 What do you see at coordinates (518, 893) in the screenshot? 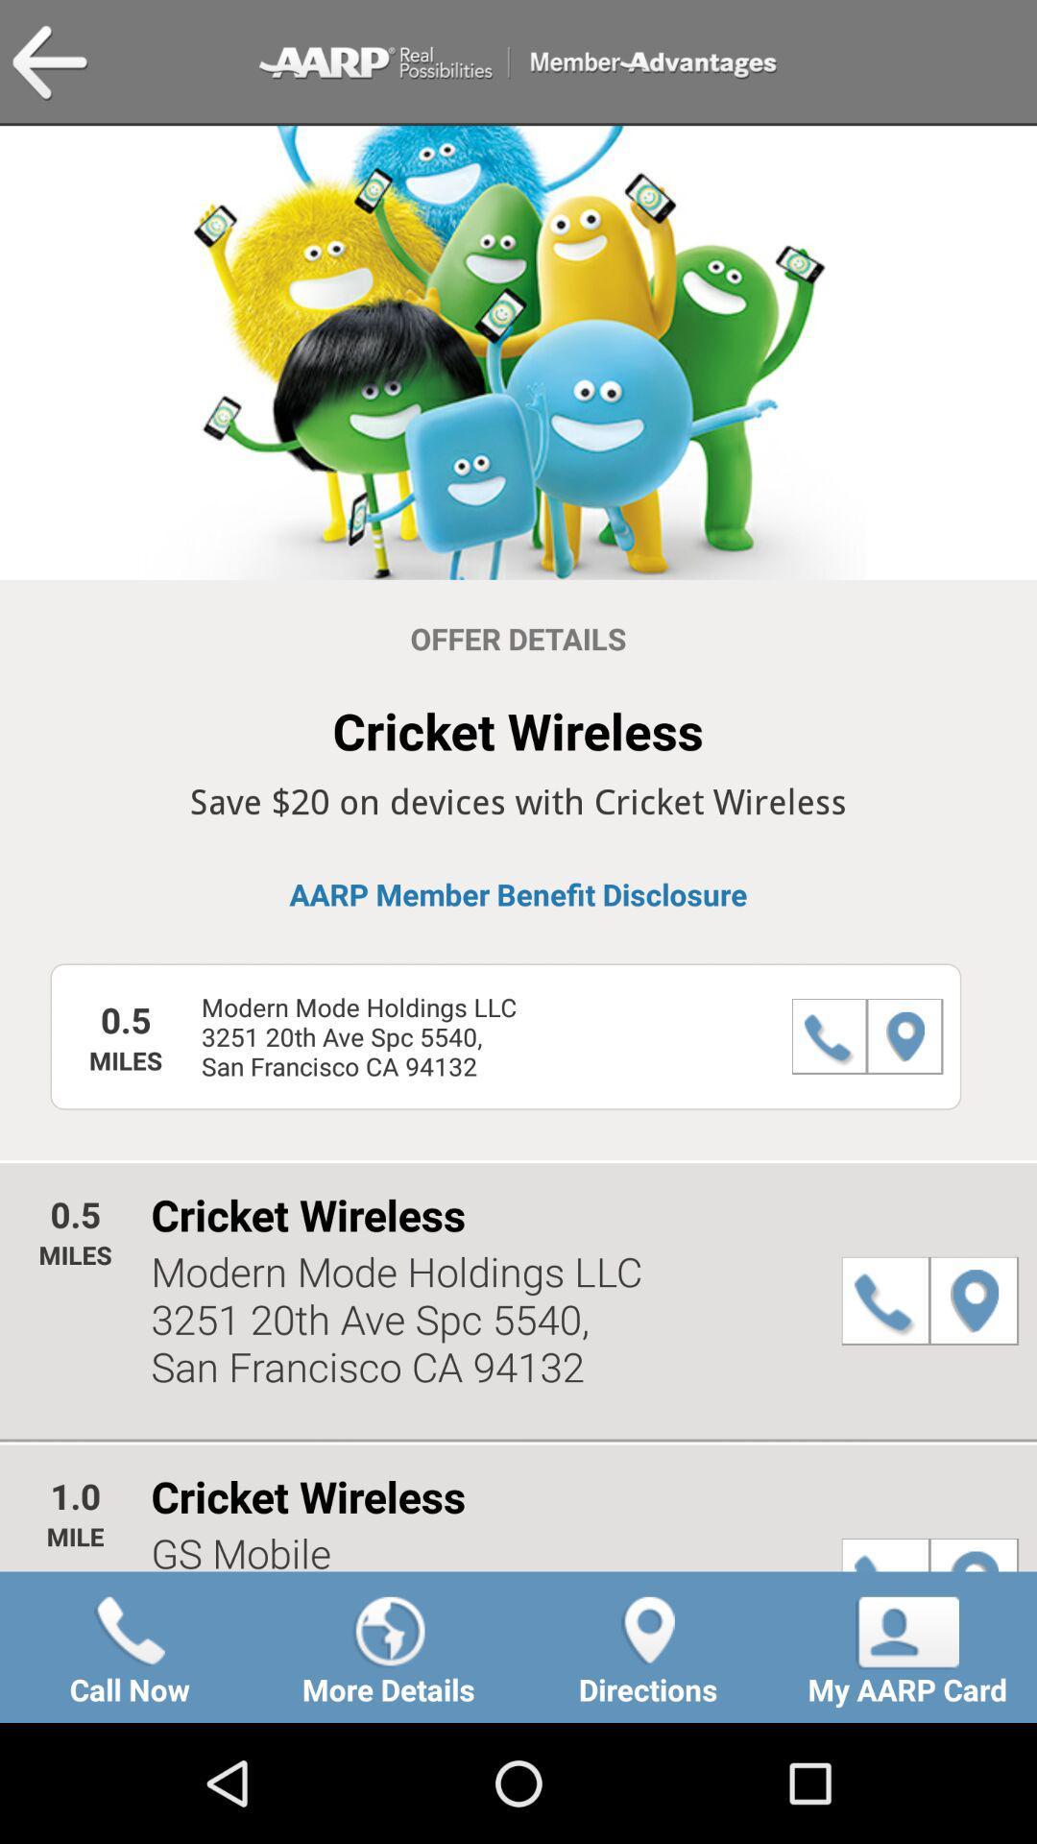
I see `item above modern mode holdings icon` at bounding box center [518, 893].